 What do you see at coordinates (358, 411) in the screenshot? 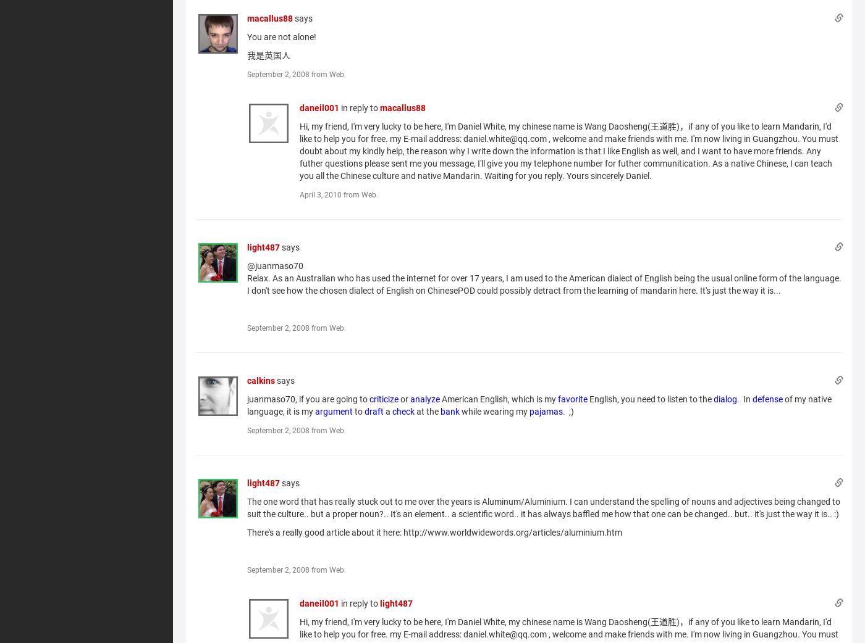
I see `'to'` at bounding box center [358, 411].